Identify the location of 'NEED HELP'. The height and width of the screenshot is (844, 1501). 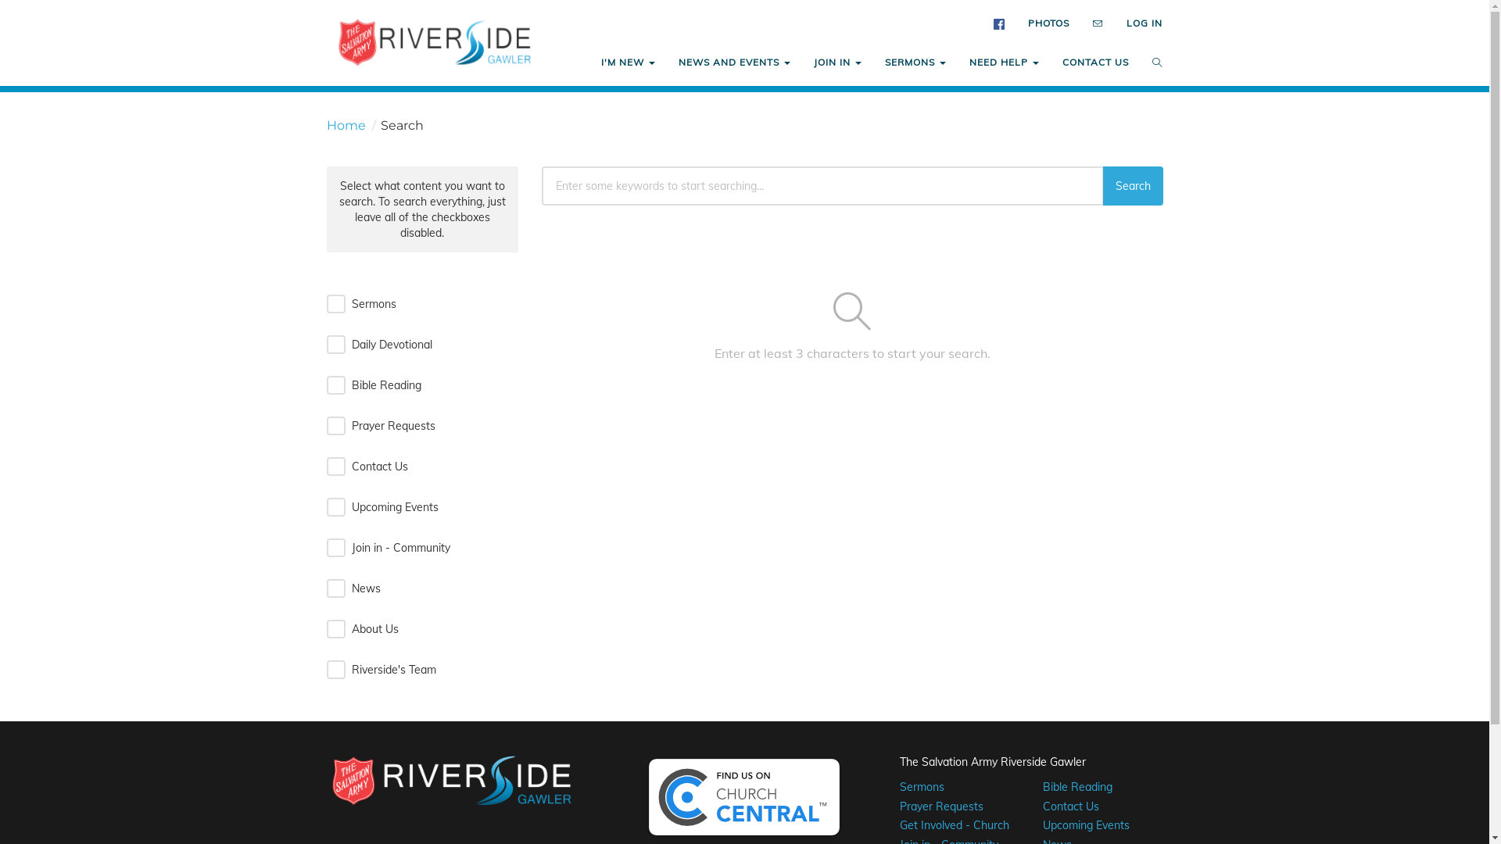
(1004, 62).